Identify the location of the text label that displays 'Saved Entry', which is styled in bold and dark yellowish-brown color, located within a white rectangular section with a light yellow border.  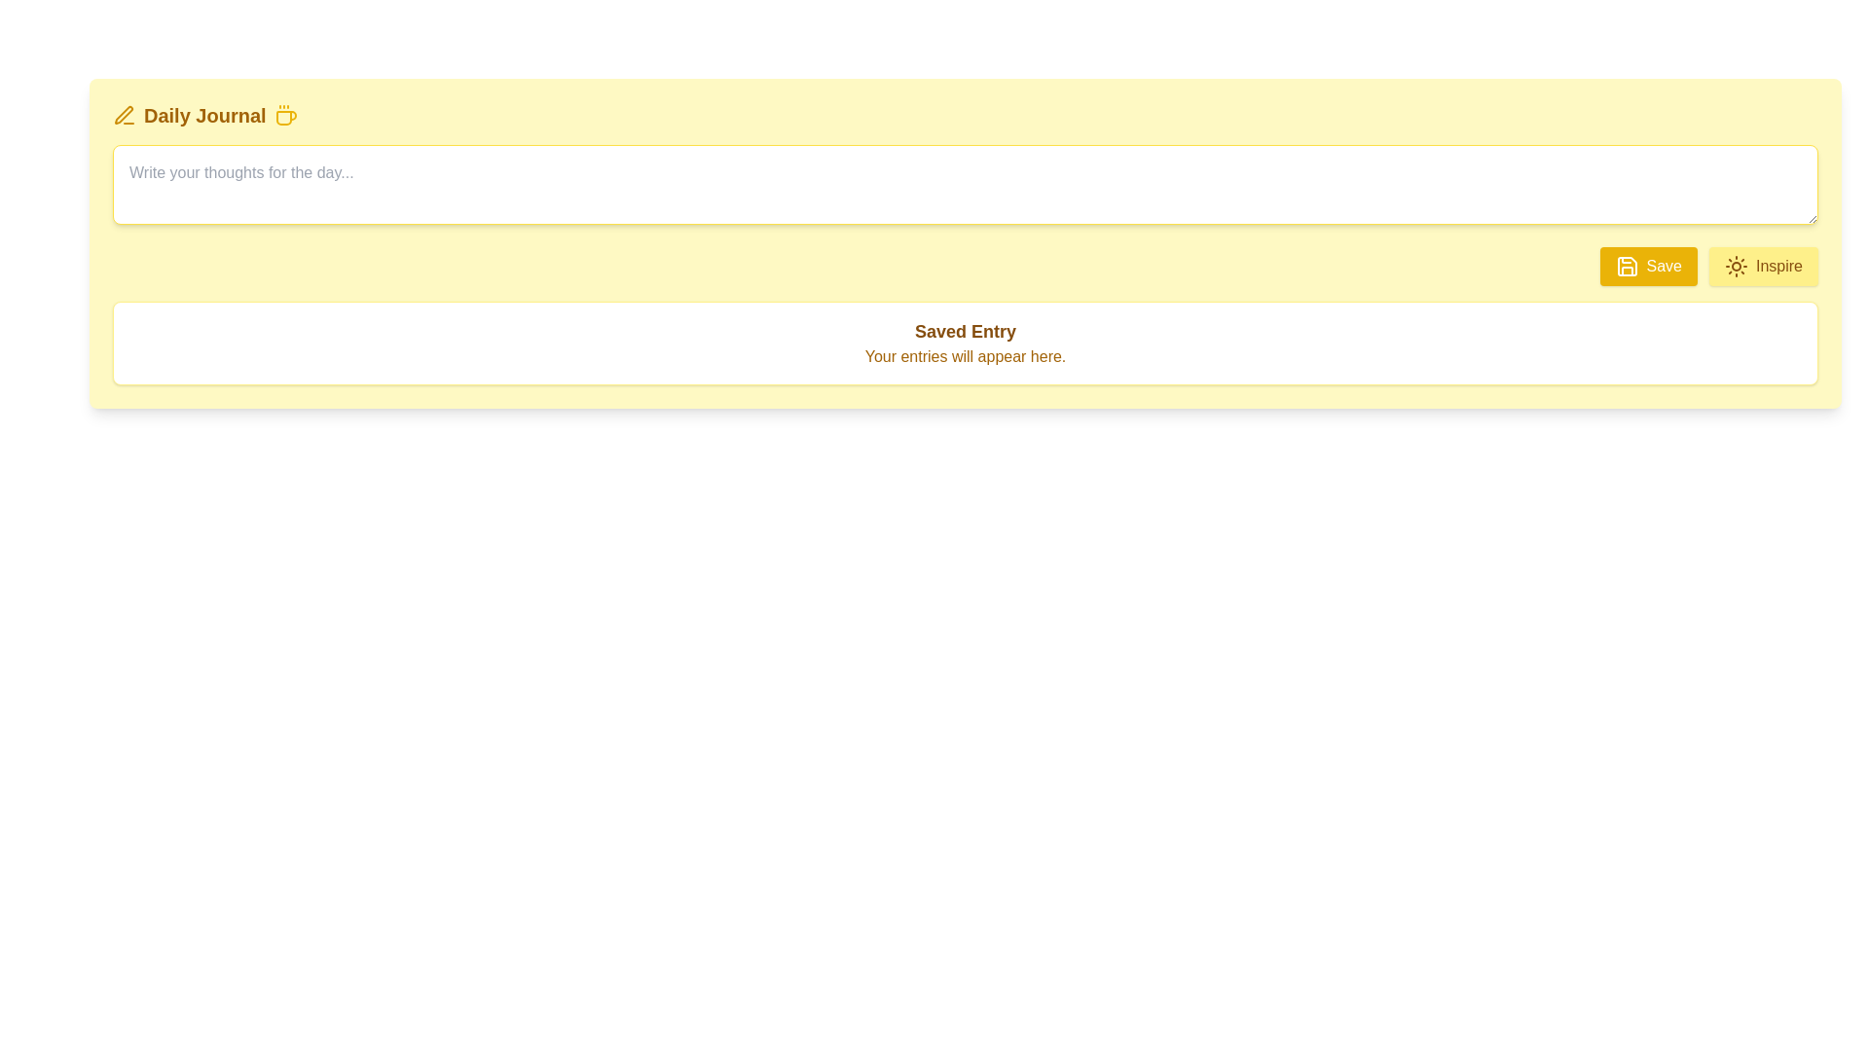
(966, 330).